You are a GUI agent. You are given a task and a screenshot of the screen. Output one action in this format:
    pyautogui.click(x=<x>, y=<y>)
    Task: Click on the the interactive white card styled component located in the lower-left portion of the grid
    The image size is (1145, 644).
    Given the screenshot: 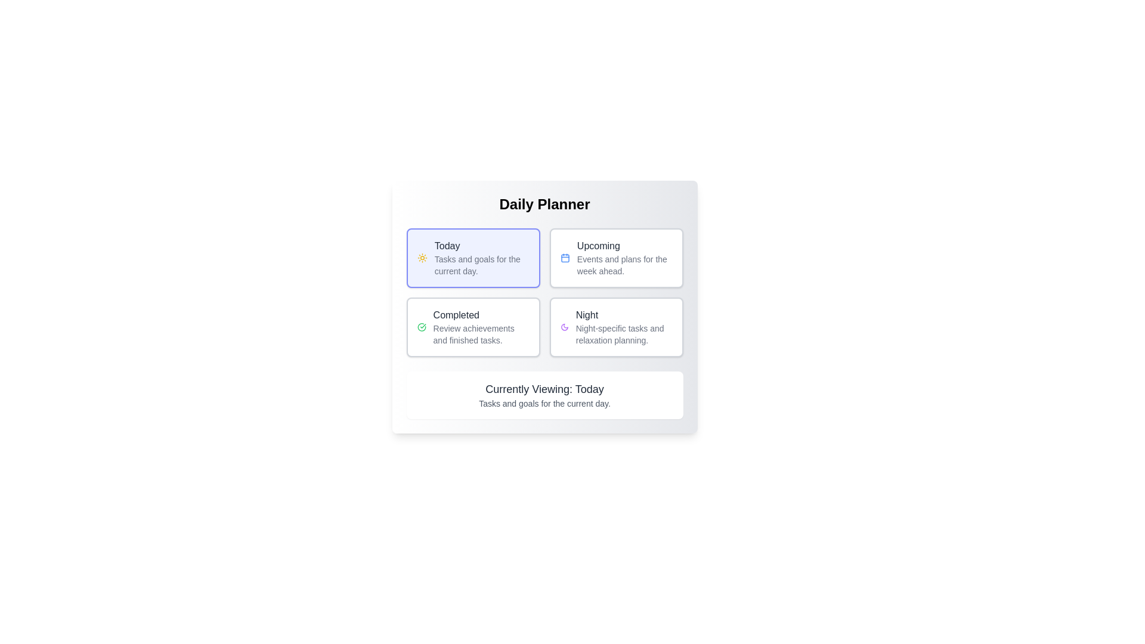 What is the action you would take?
    pyautogui.click(x=544, y=306)
    